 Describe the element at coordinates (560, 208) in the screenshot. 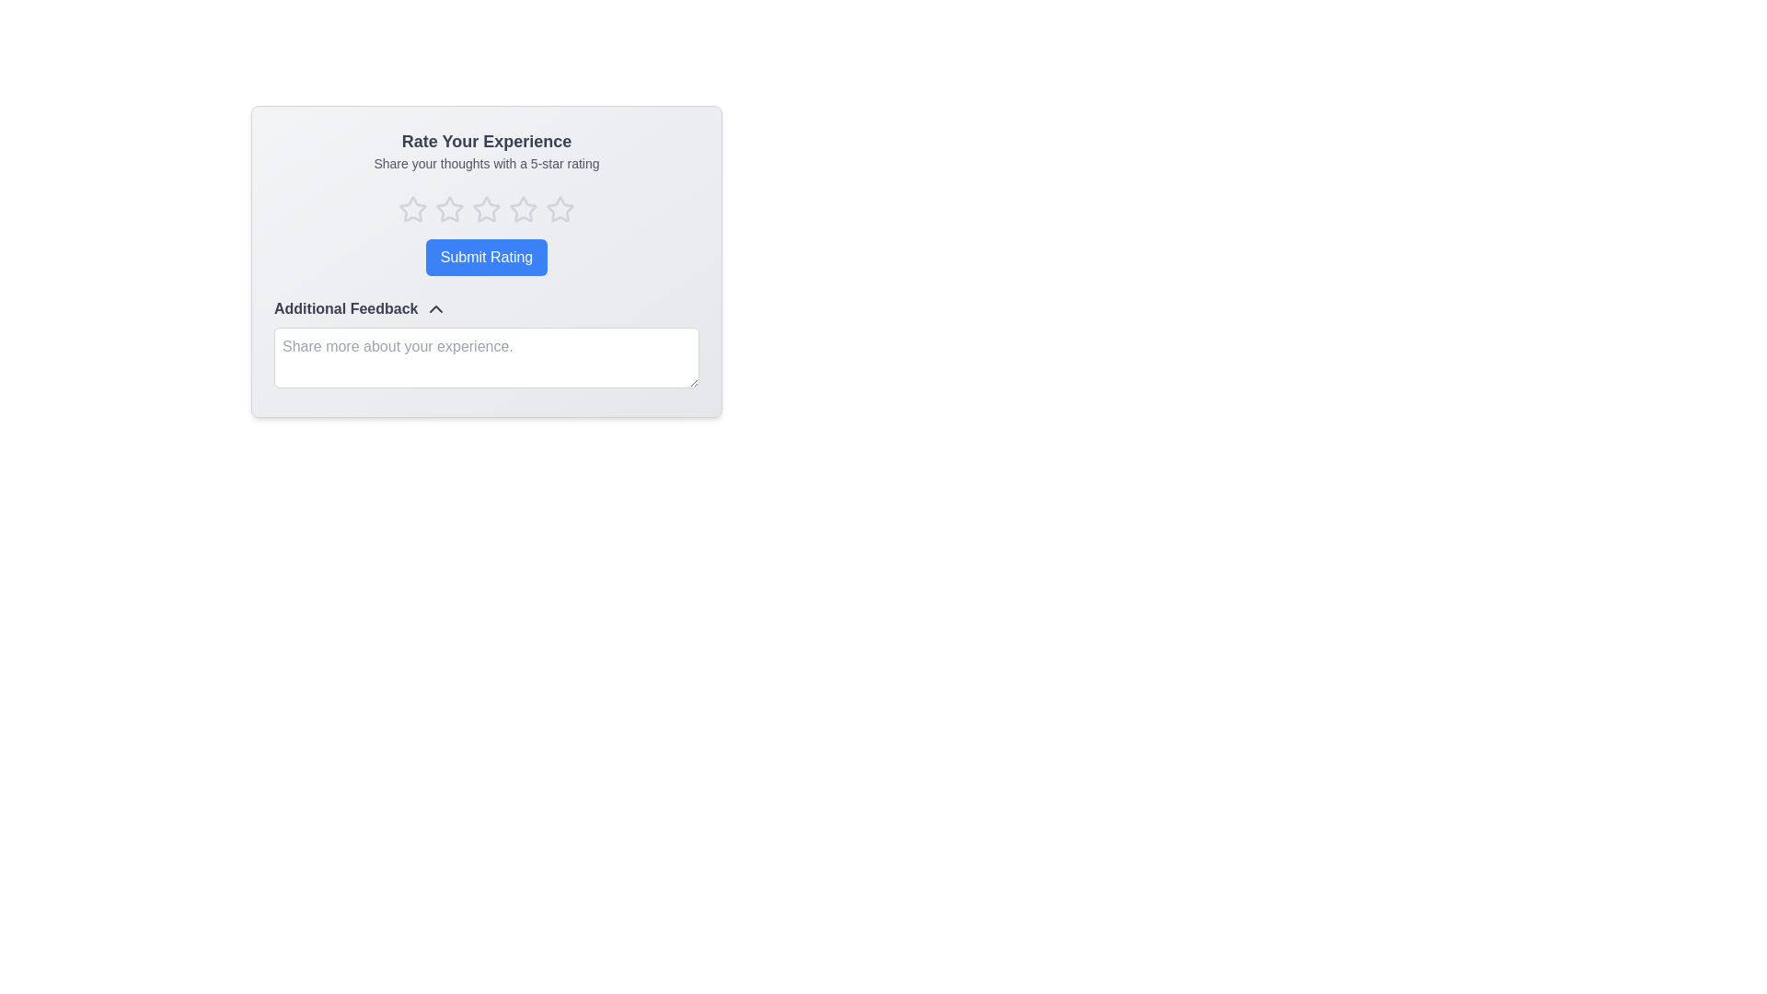

I see `the fourth star icon in the rating system to rate your experience` at that location.